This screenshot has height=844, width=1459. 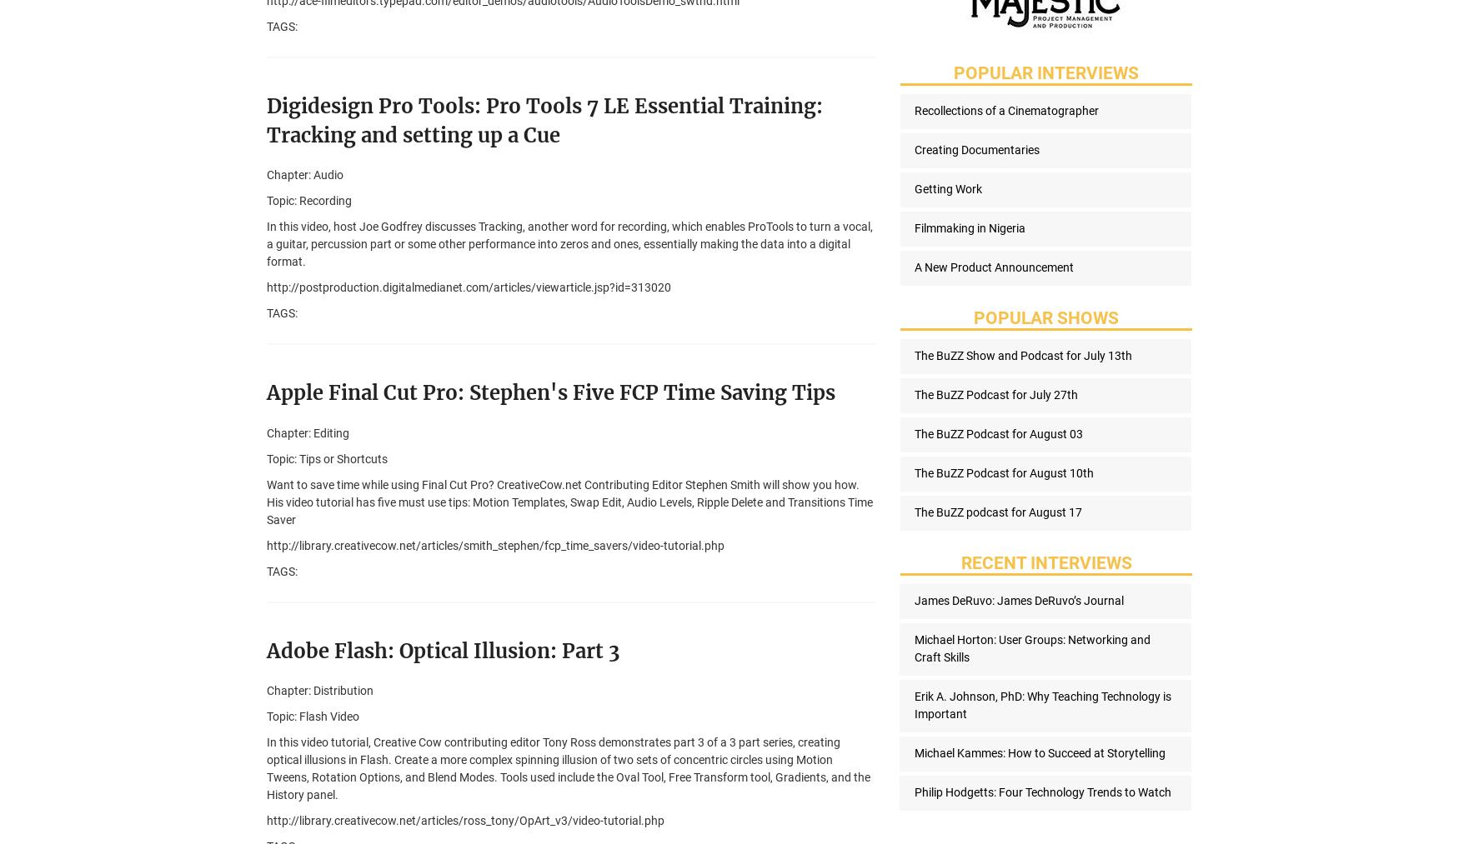 What do you see at coordinates (1018, 600) in the screenshot?
I see `'James DeRuvo: James DeRuvo’s Journal'` at bounding box center [1018, 600].